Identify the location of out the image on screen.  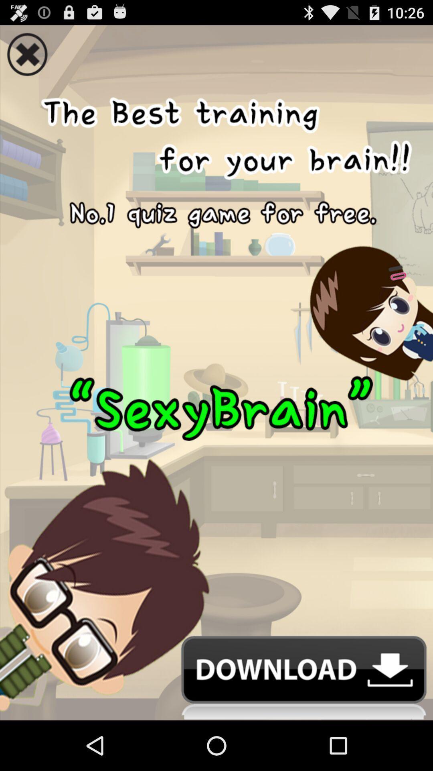
(216, 51).